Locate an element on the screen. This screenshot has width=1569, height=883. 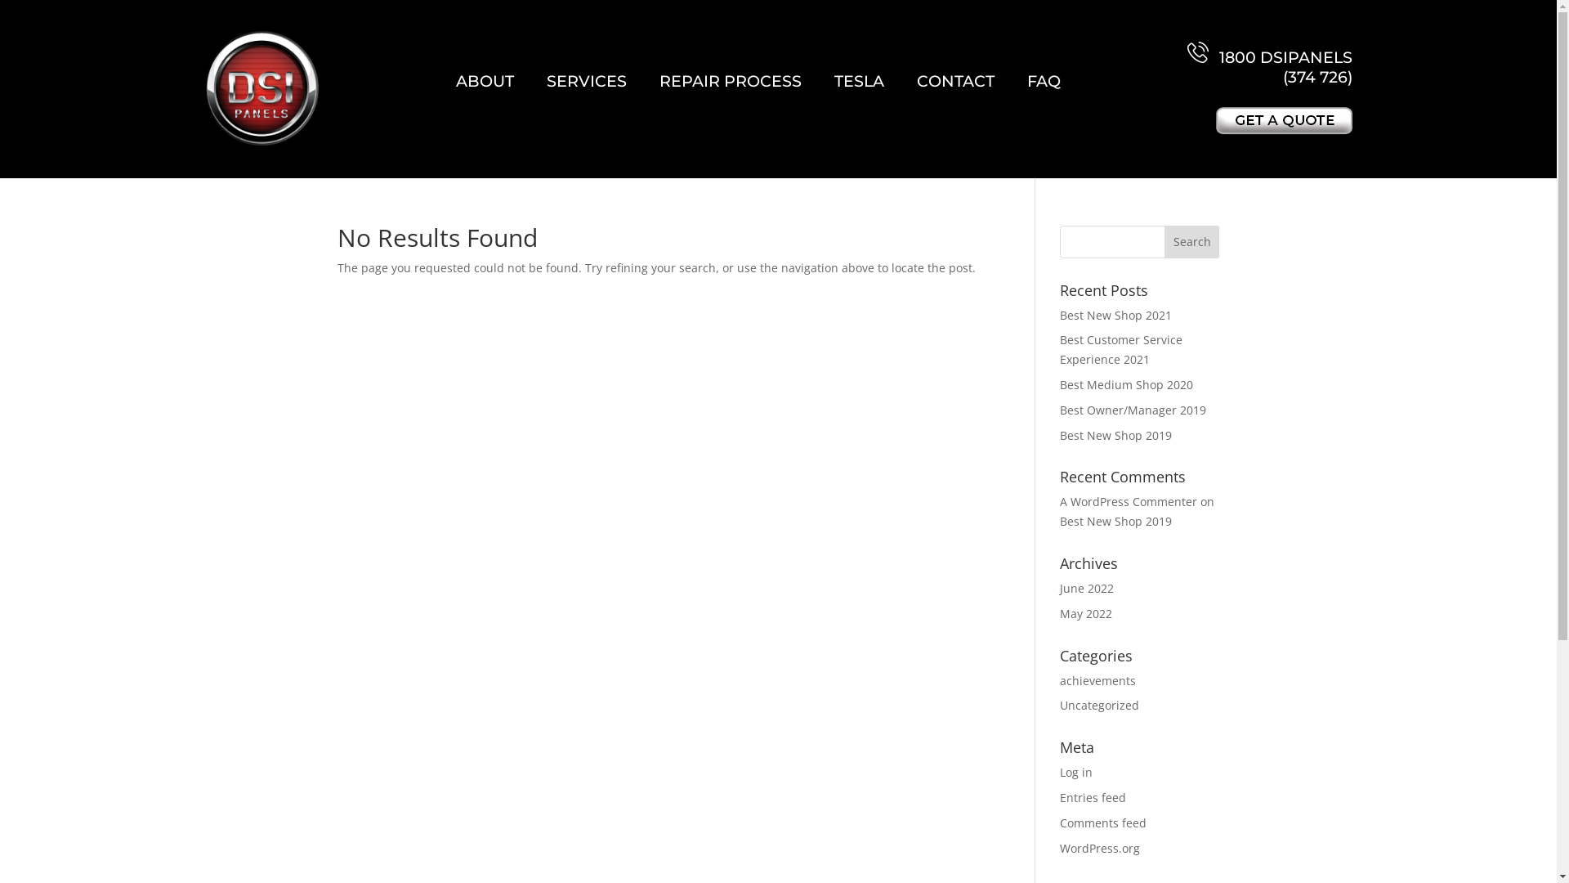
'TESLA' is located at coordinates (858, 81).